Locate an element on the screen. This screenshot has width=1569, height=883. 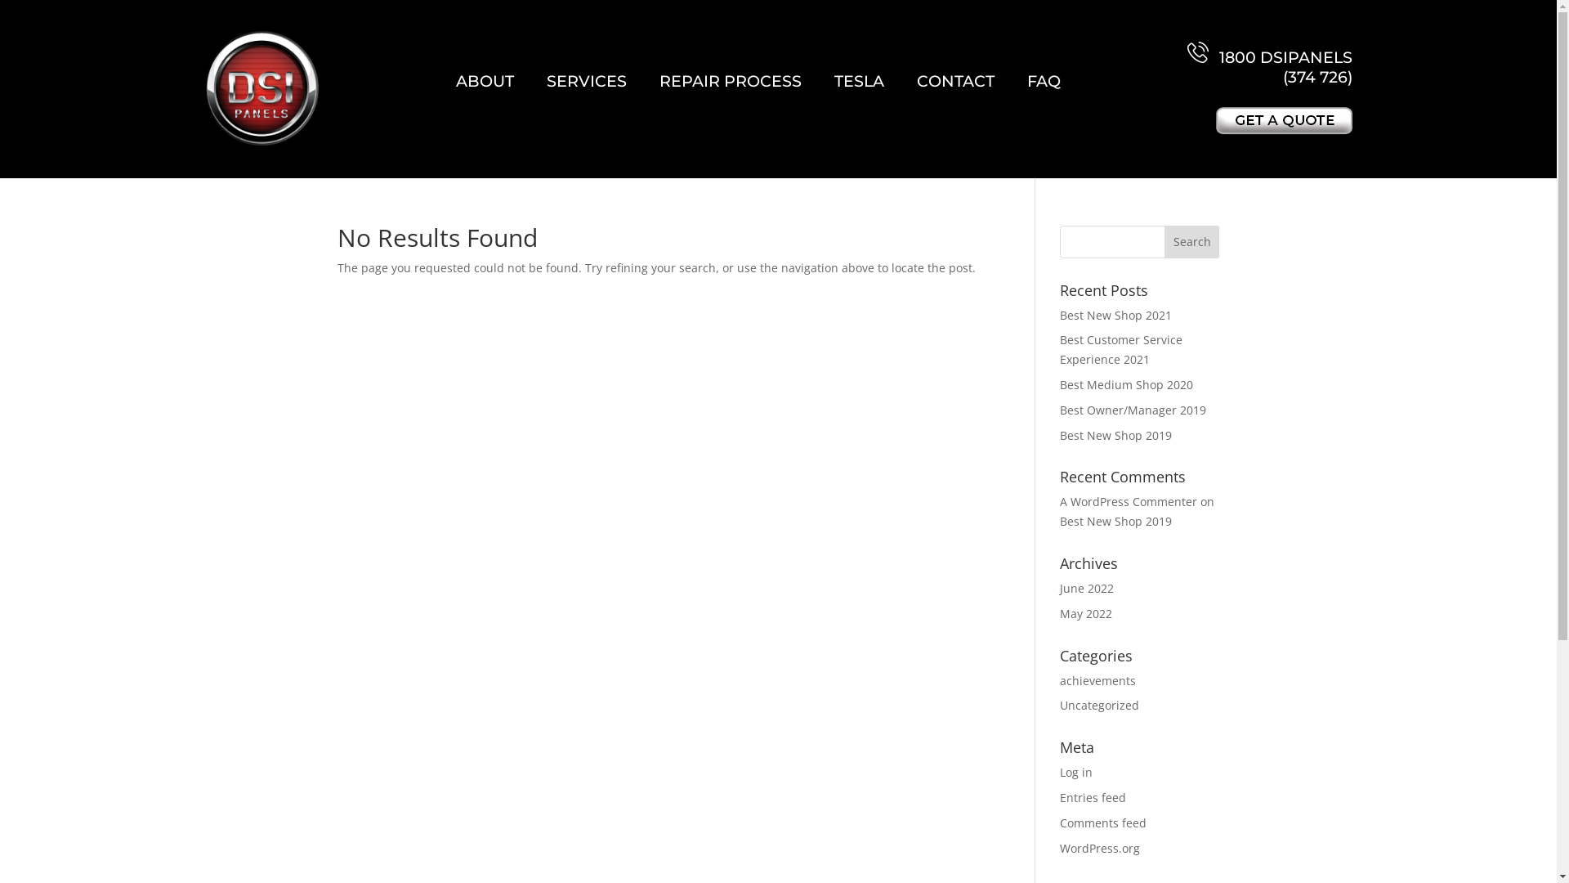
'TESLA' is located at coordinates (858, 81).